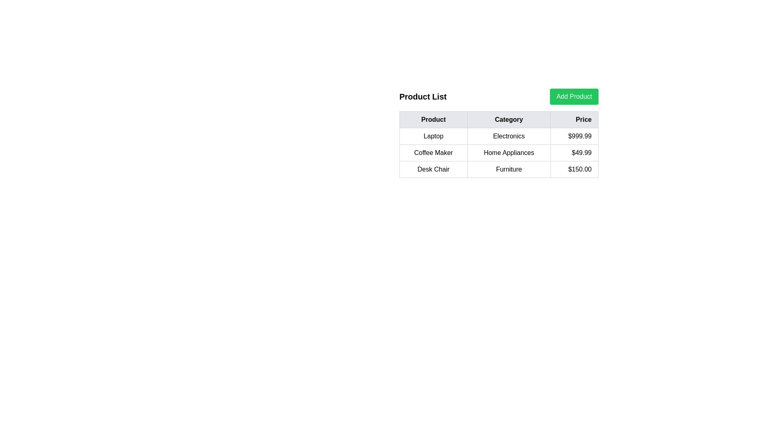 The image size is (777, 437). Describe the element at coordinates (499, 133) in the screenshot. I see `the table cell in the 'Category' column associated with the 'Laptop' product row, which displays the text 'Electronics'` at that location.